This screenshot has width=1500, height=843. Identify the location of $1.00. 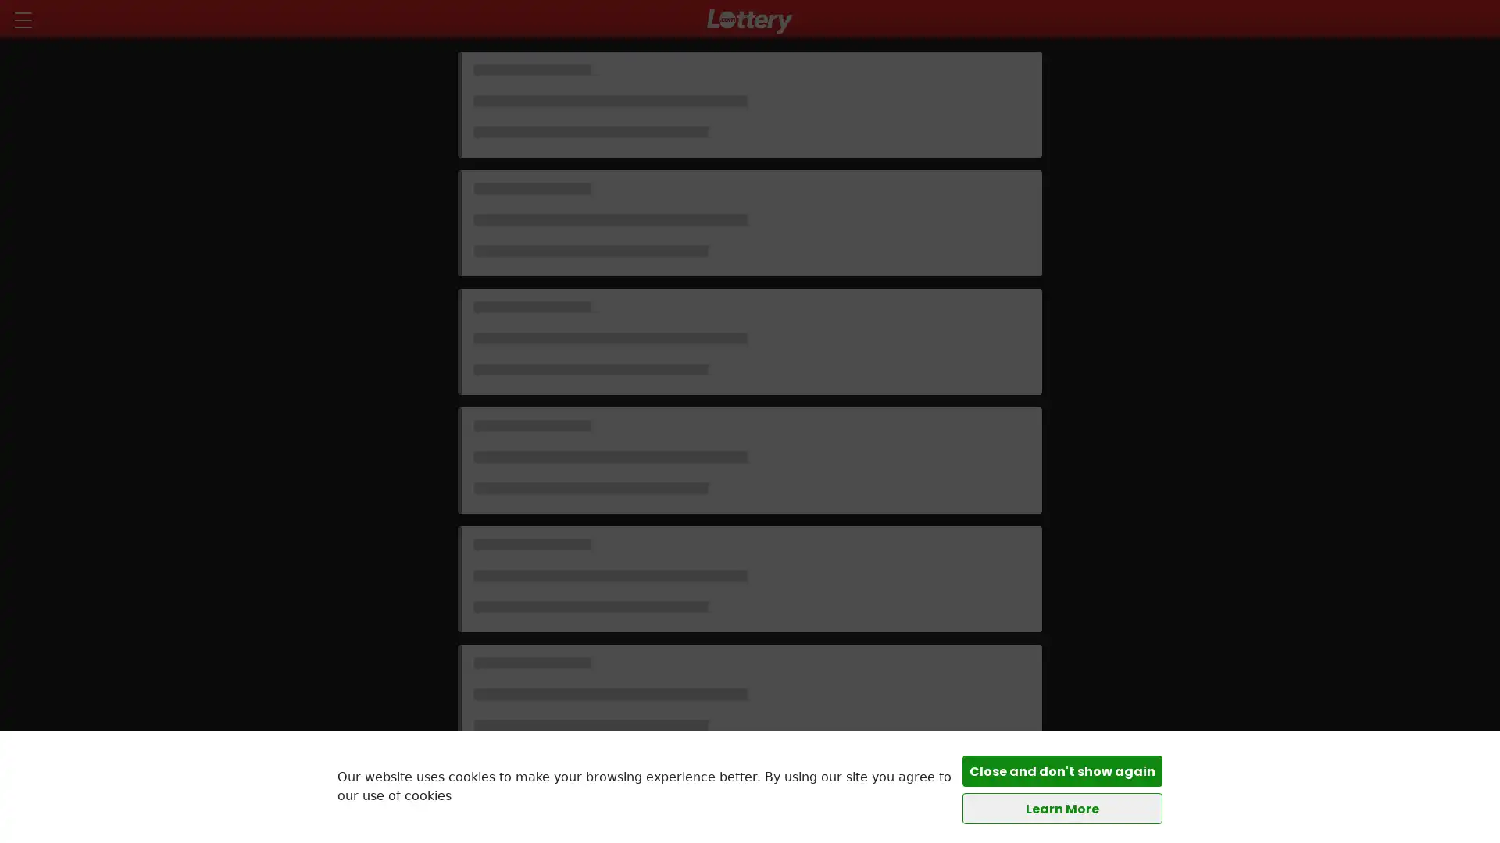
(992, 367).